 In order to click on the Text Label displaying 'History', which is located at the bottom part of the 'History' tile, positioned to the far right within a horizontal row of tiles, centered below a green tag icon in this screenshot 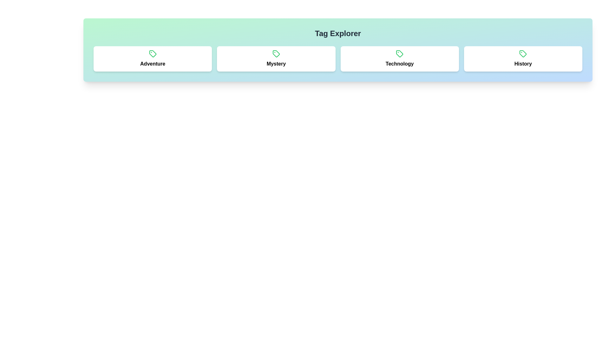, I will do `click(523, 64)`.